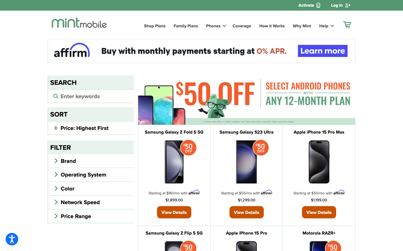  What do you see at coordinates (246, 132) in the screenshot?
I see `See Samsung Galaxy Phone` at bounding box center [246, 132].